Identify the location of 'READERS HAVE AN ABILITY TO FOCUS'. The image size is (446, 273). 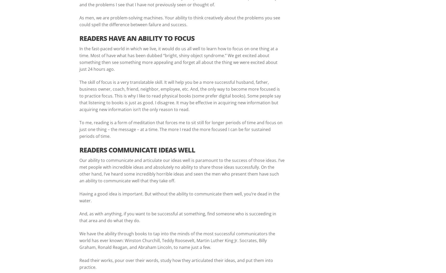
(137, 38).